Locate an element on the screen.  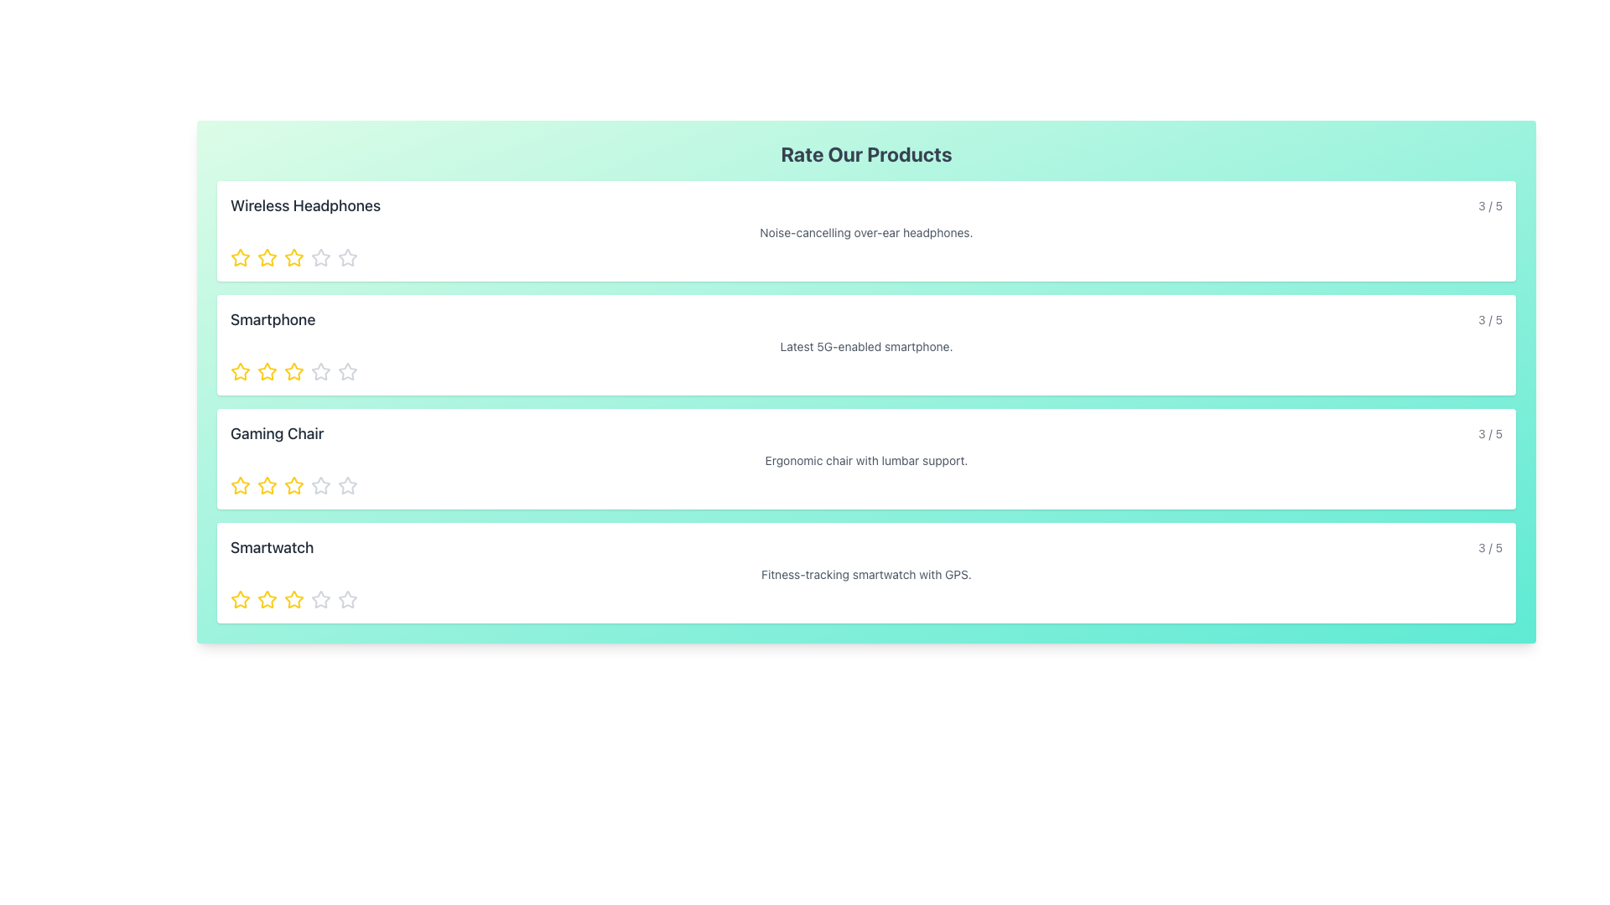
the active yellow star-shaped icon used for rating, which is the third star from the left in the series of five stars on the 'Wireless Headphones' card is located at coordinates (293, 257).